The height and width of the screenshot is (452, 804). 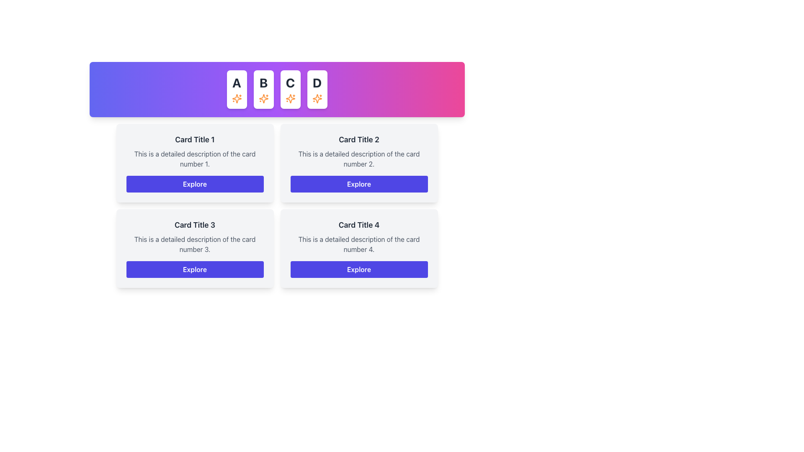 I want to click on the third card component located in the bottom-left quadrant of the grid layout, so click(x=194, y=248).